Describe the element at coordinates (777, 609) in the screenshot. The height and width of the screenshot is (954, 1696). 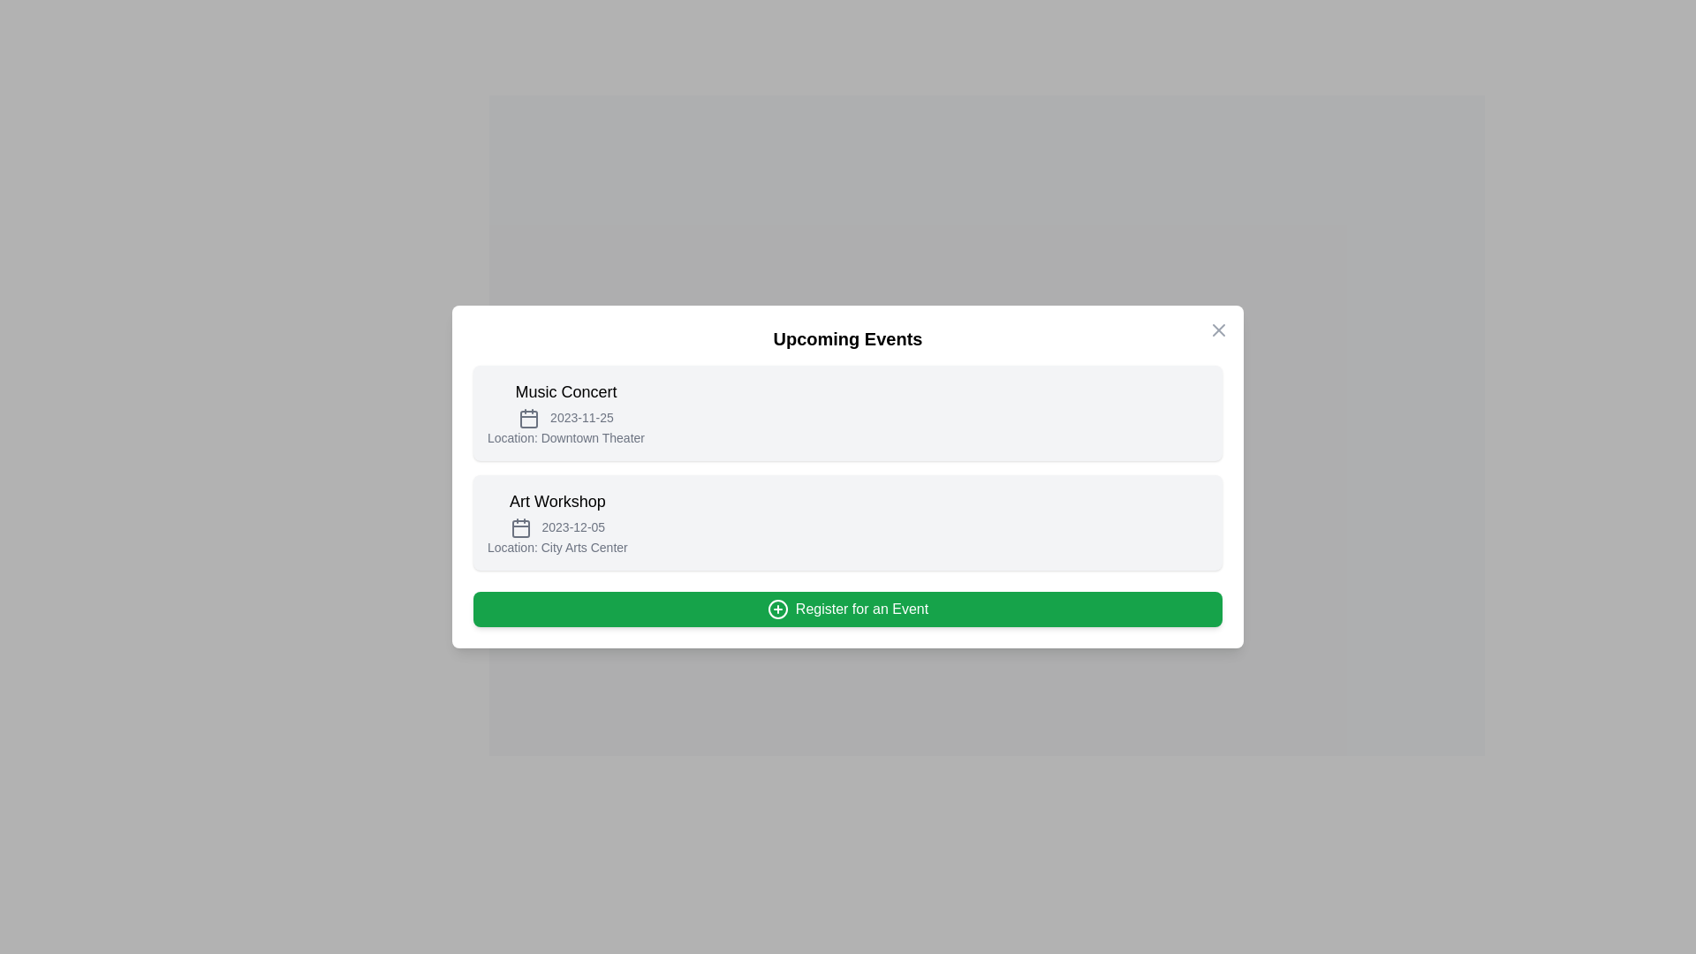
I see `the circular green icon with a white border and a plus symbol, located to the right of the 'Register for an Event' button` at that location.